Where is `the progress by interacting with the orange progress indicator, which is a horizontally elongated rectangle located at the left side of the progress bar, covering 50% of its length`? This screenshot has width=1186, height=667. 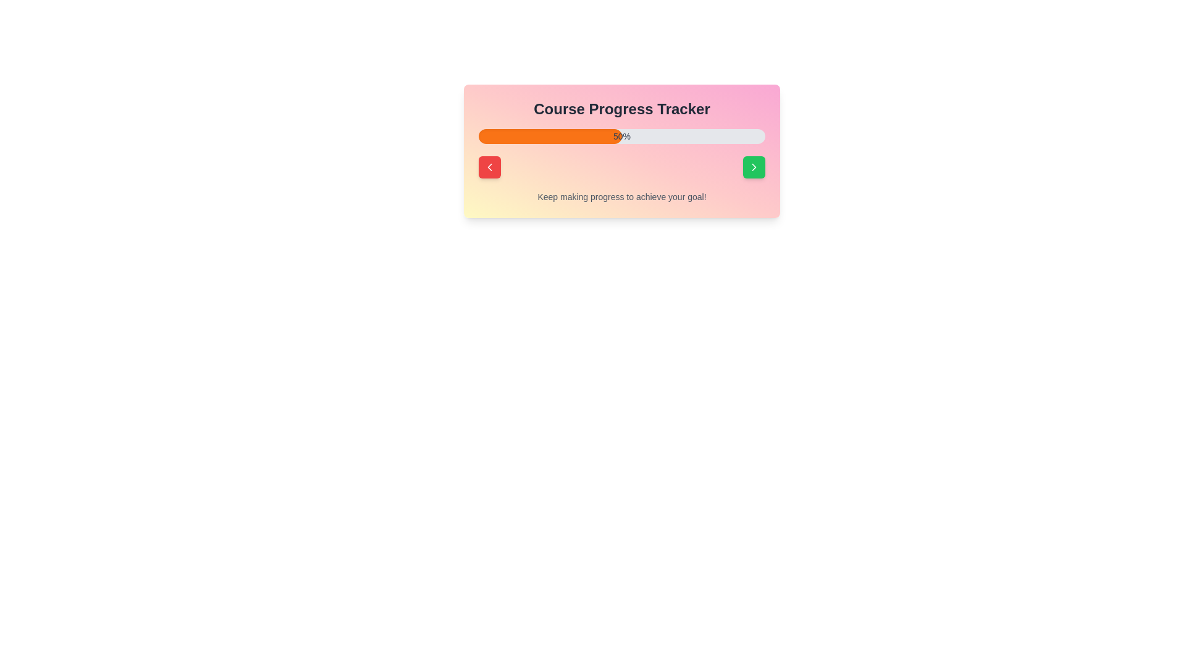 the progress by interacting with the orange progress indicator, which is a horizontally elongated rectangle located at the left side of the progress bar, covering 50% of its length is located at coordinates (550, 136).